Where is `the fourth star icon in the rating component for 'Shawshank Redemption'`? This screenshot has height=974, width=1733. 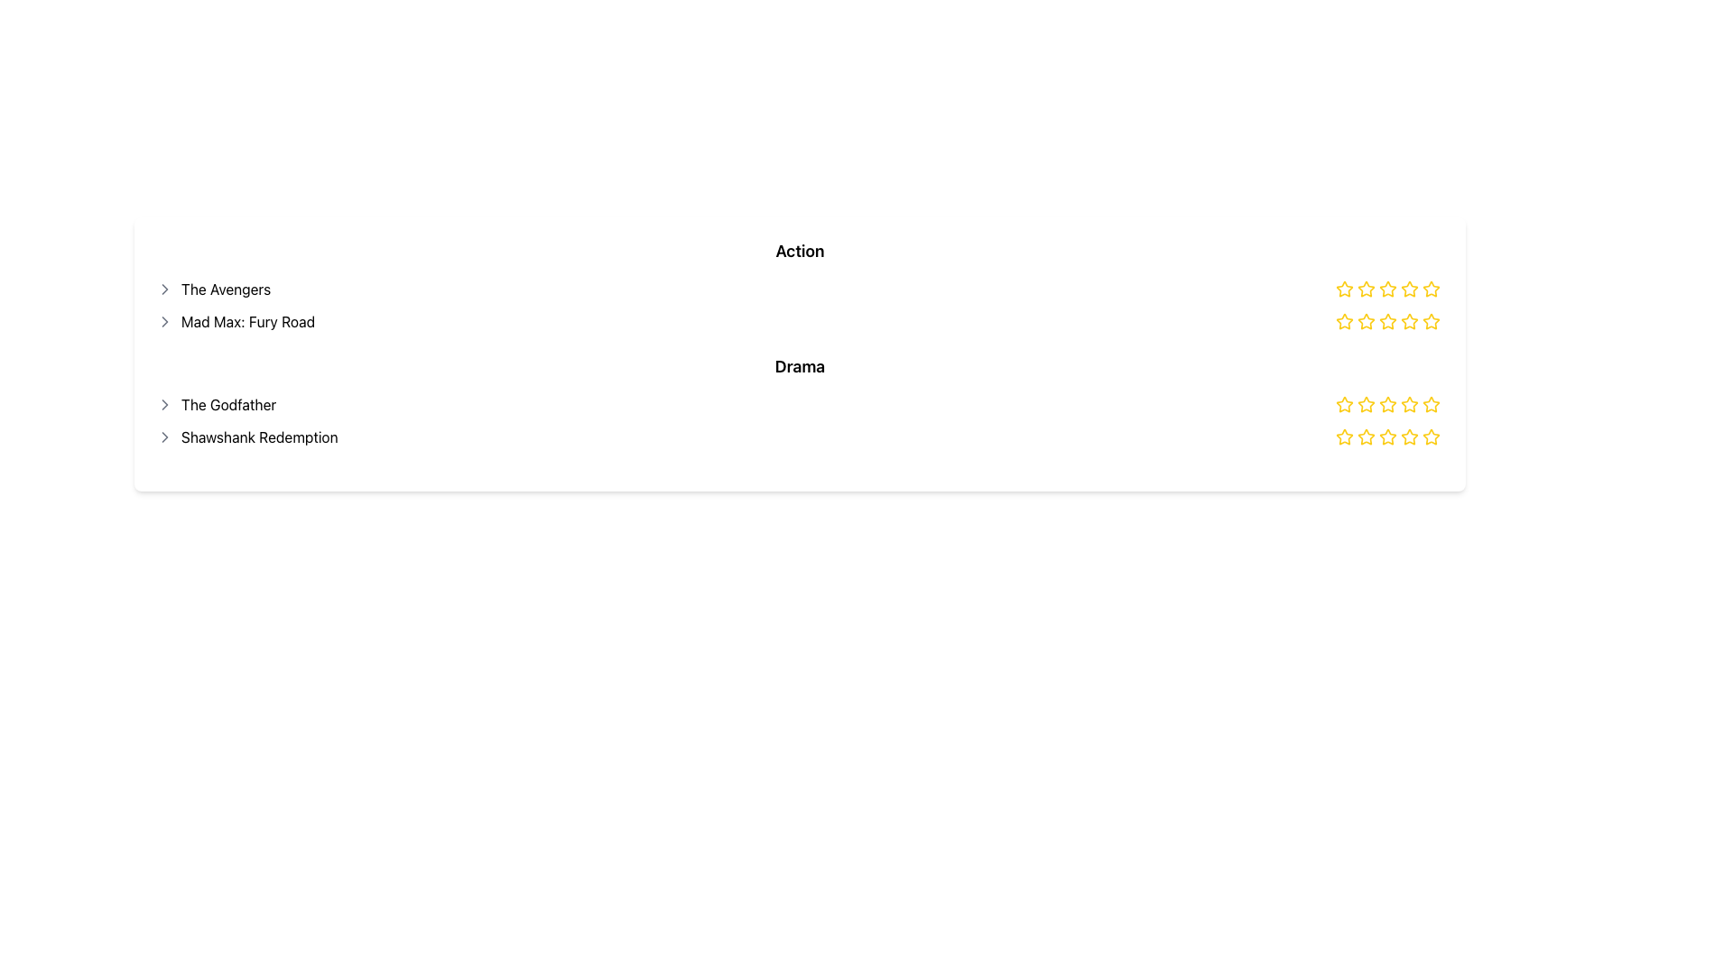 the fourth star icon in the rating component for 'Shawshank Redemption' is located at coordinates (1386, 403).